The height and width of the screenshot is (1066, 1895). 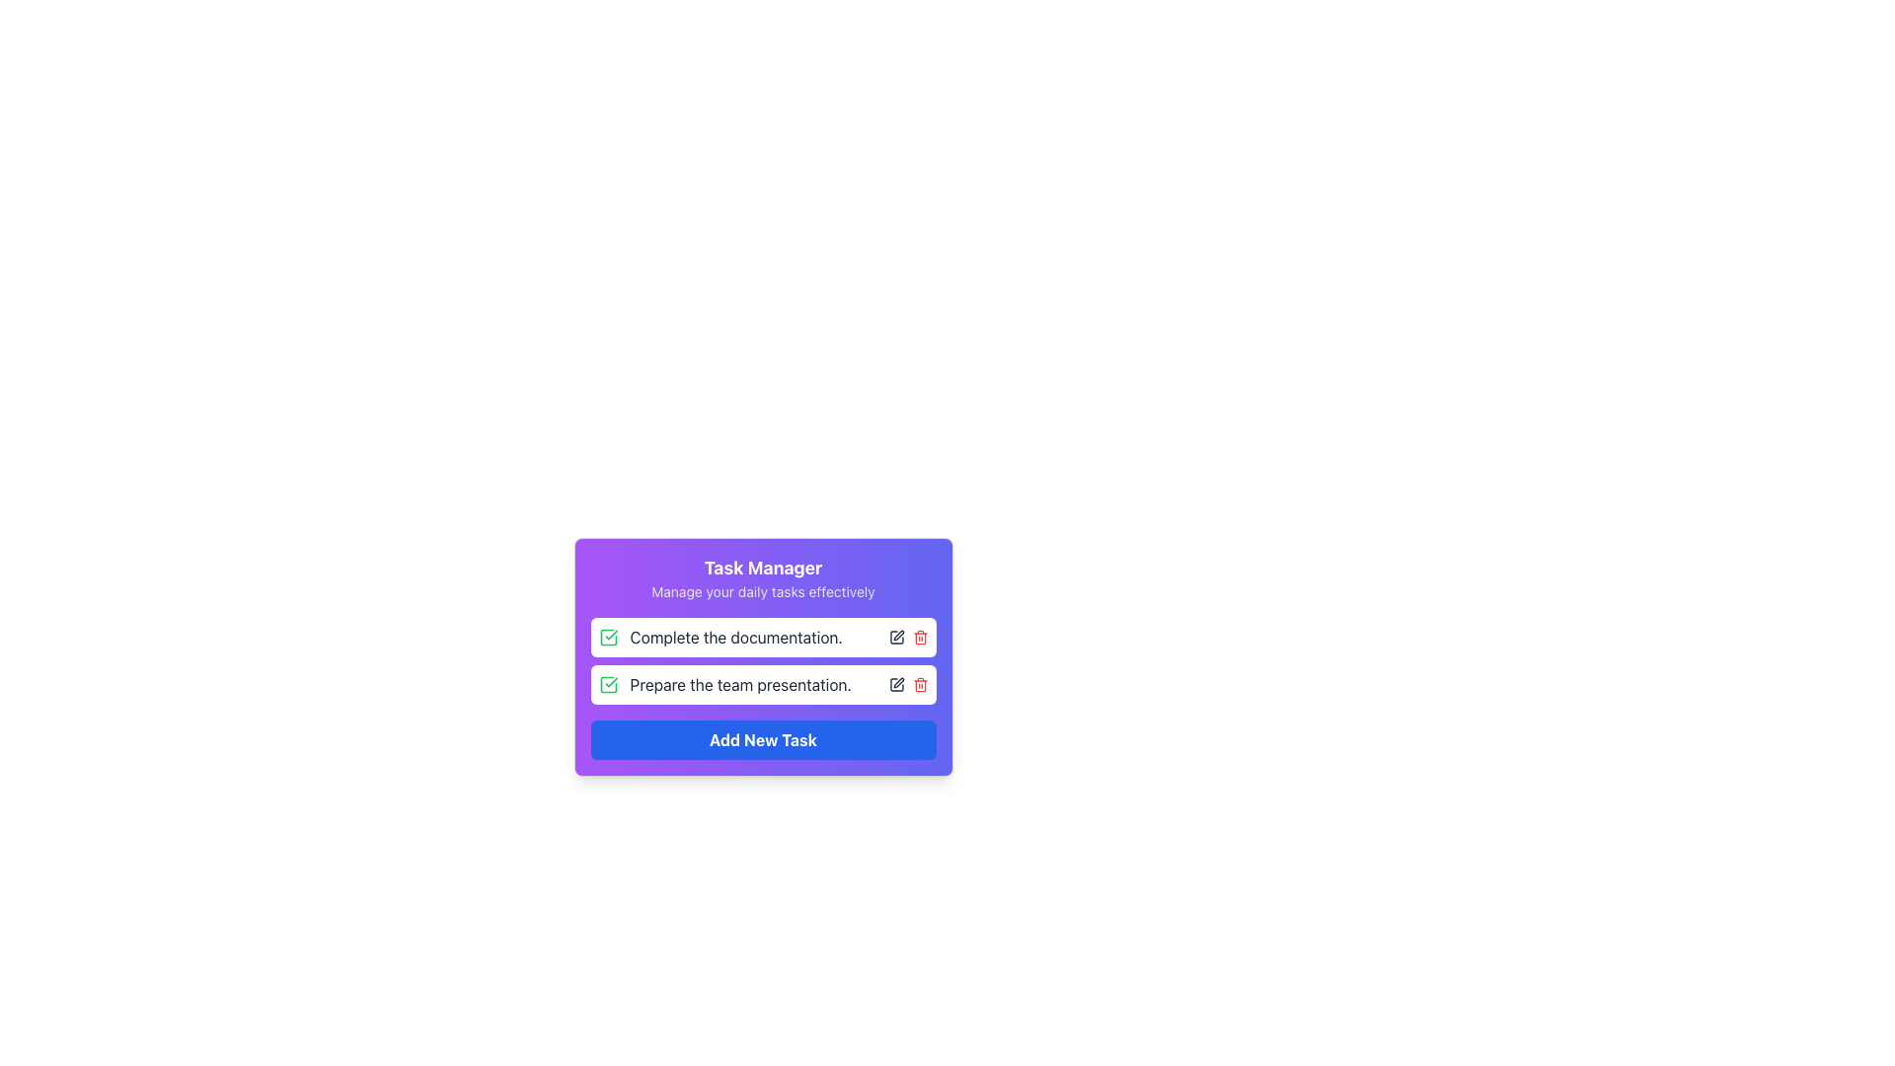 I want to click on task description text that displays 'Complete the documentation.' located in the middle section of the task manager interface, so click(x=735, y=637).